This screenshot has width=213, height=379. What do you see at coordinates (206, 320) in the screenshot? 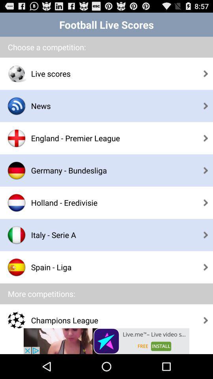
I see `icon right to champions league` at bounding box center [206, 320].